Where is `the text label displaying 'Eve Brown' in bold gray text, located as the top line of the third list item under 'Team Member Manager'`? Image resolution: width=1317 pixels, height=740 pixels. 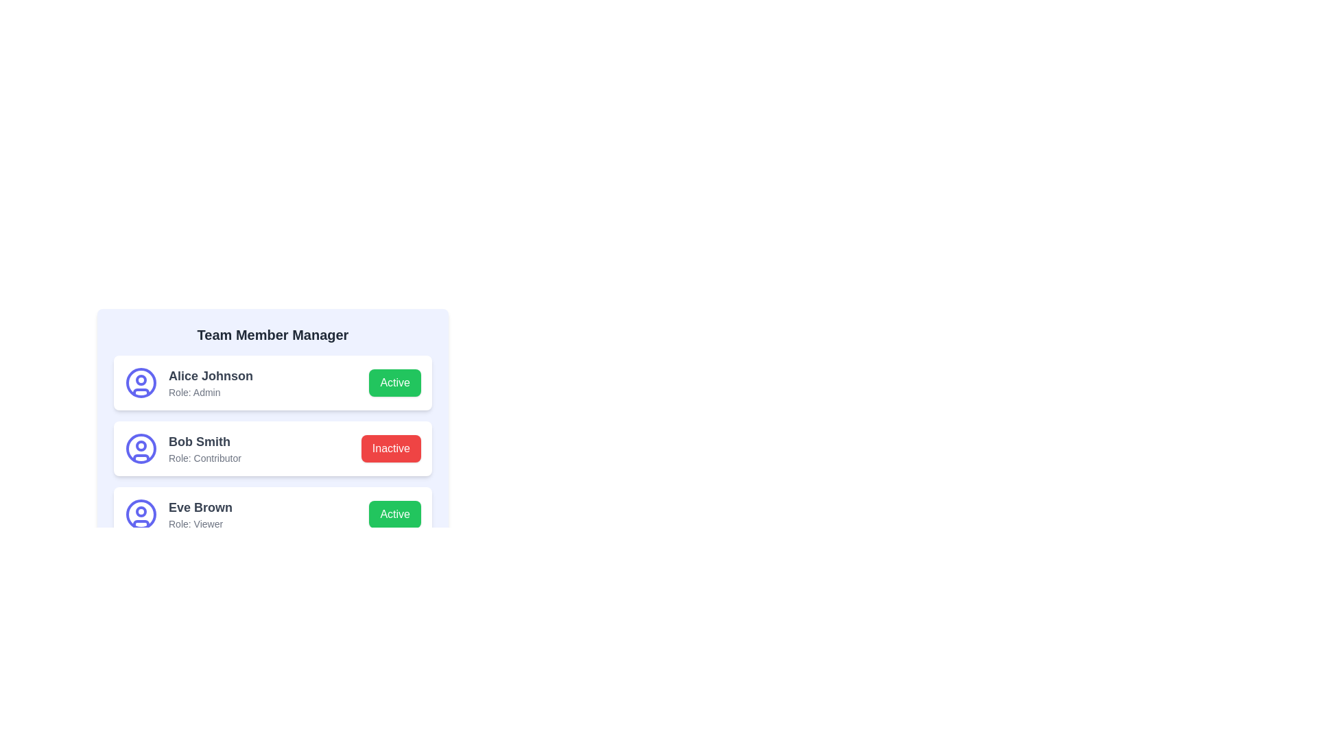 the text label displaying 'Eve Brown' in bold gray text, located as the top line of the third list item under 'Team Member Manager' is located at coordinates (200, 507).